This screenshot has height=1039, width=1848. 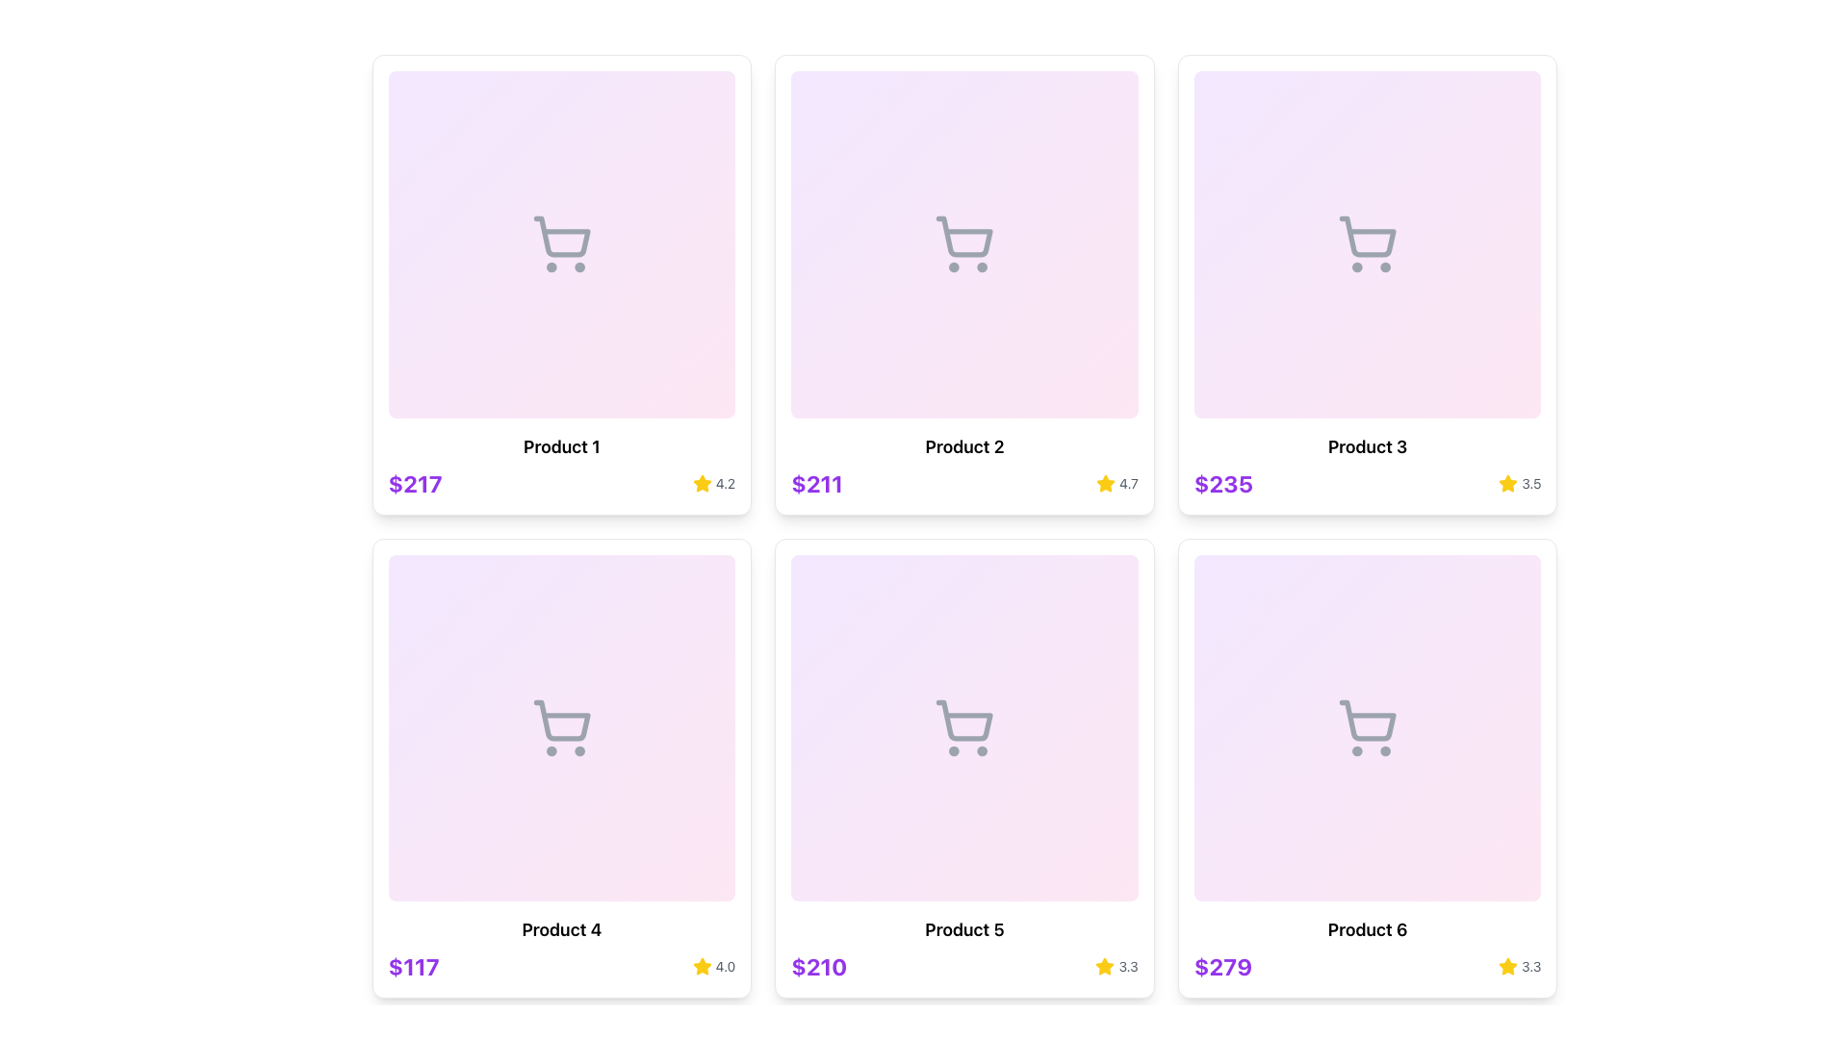 What do you see at coordinates (964, 437) in the screenshot?
I see `the Text label within the interactive overlay at the bottom of the second product card in the first row of the grid layout` at bounding box center [964, 437].